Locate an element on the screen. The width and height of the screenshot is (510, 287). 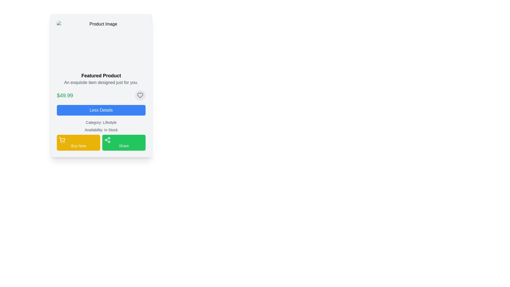
the Text Label displaying 'Category: Lifestyle' is located at coordinates (101, 123).